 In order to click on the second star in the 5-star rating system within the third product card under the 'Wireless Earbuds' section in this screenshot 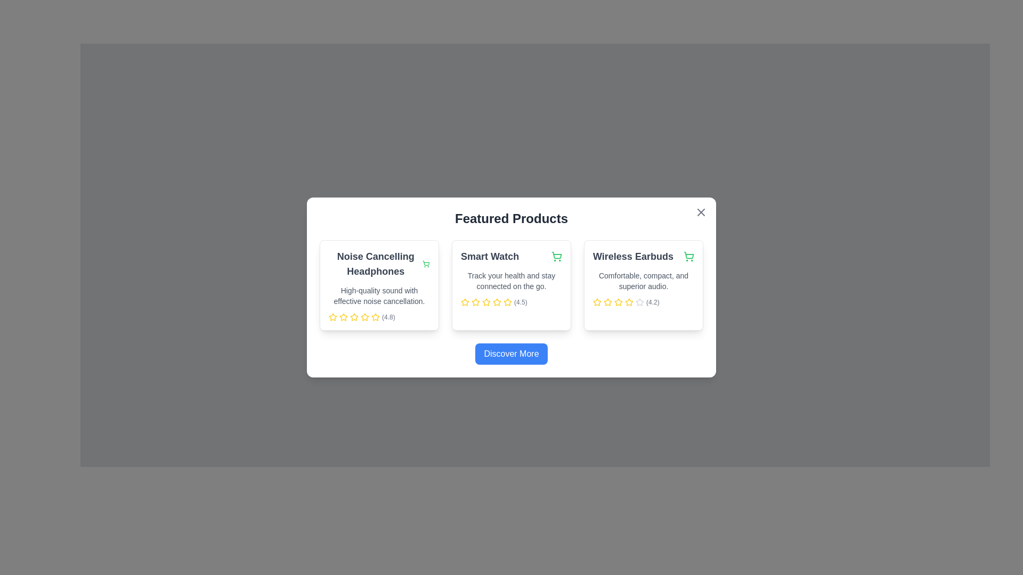, I will do `click(618, 302)`.